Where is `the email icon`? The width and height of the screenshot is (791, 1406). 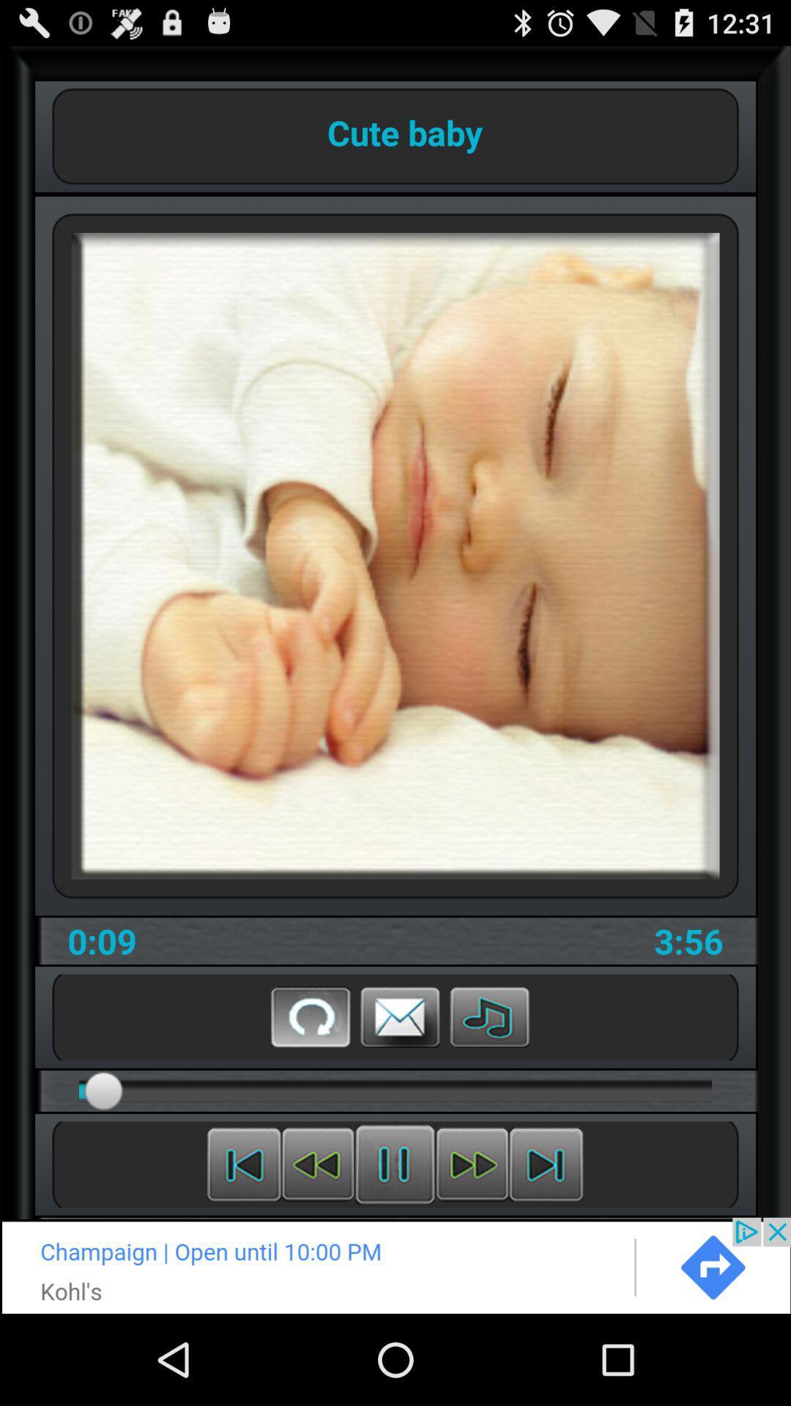
the email icon is located at coordinates (400, 1088).